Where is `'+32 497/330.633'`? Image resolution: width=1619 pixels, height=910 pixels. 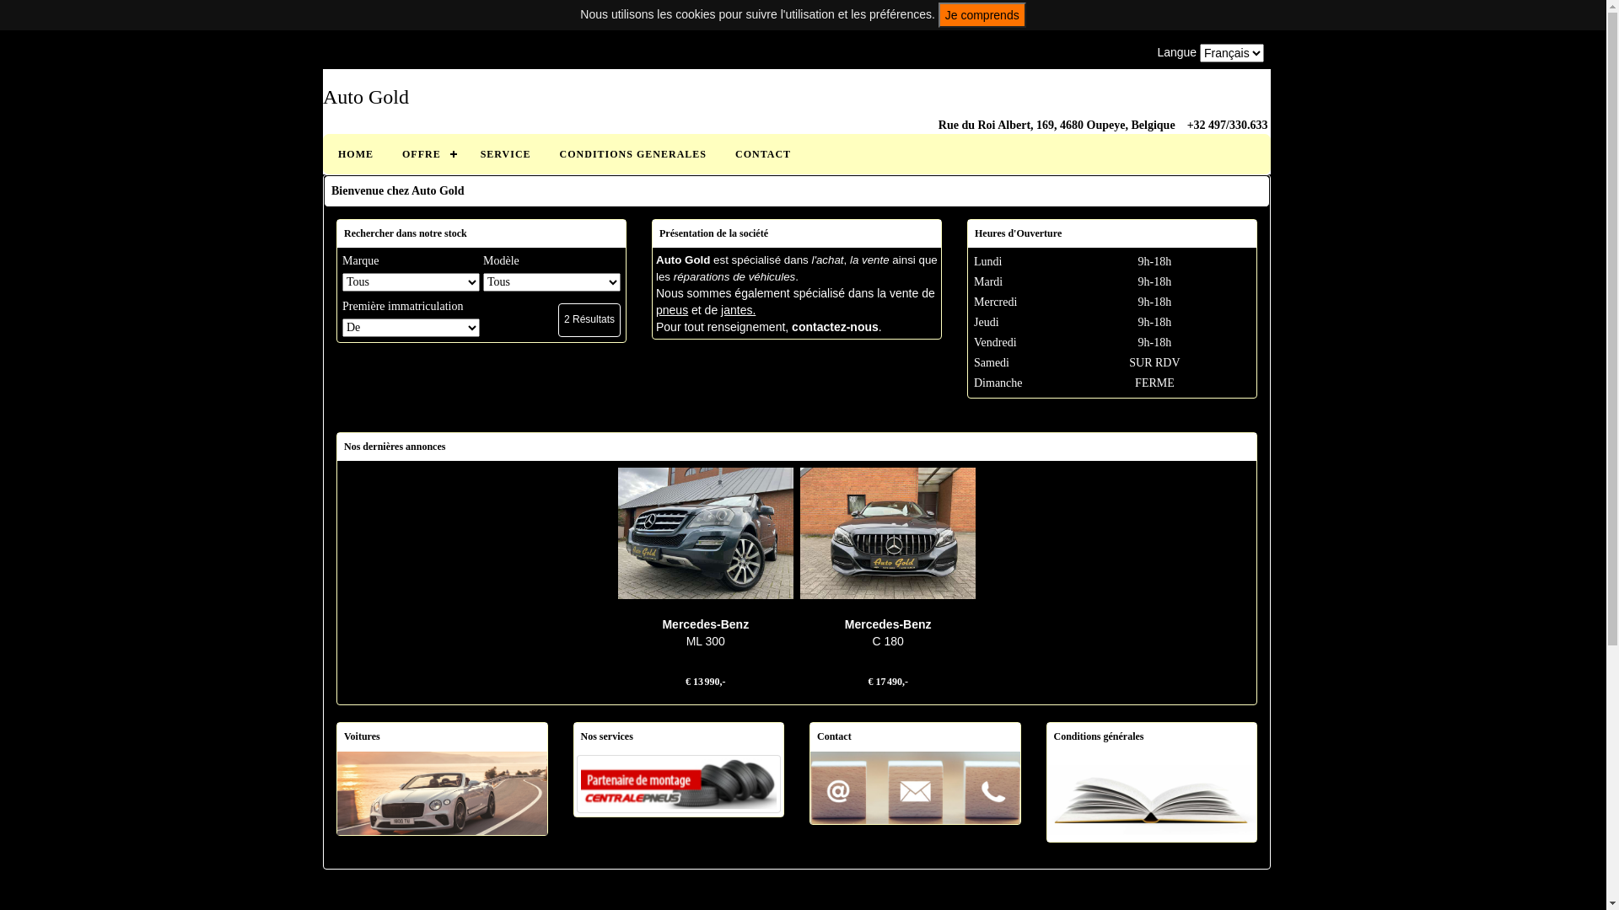
'+32 497/330.633' is located at coordinates (1227, 125).